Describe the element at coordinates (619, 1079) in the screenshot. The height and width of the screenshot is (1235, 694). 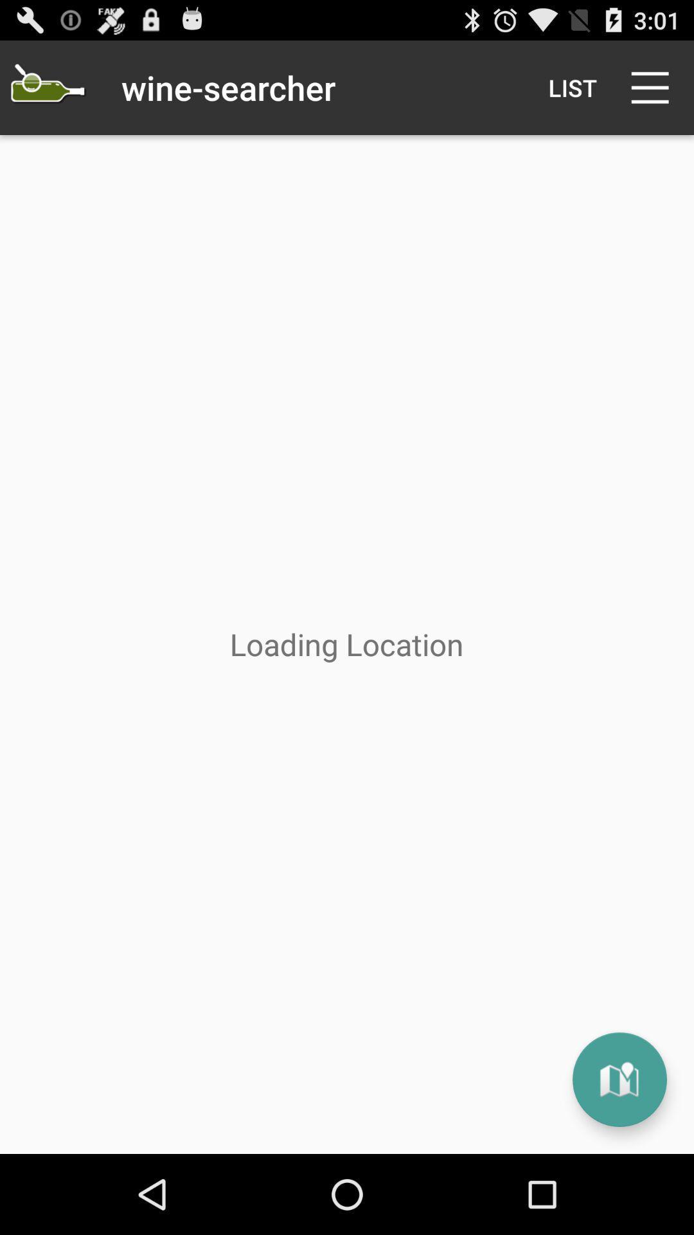
I see `map` at that location.